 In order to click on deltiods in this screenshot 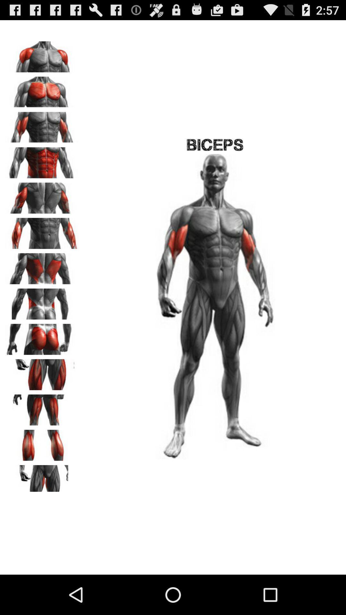, I will do `click(42, 54)`.